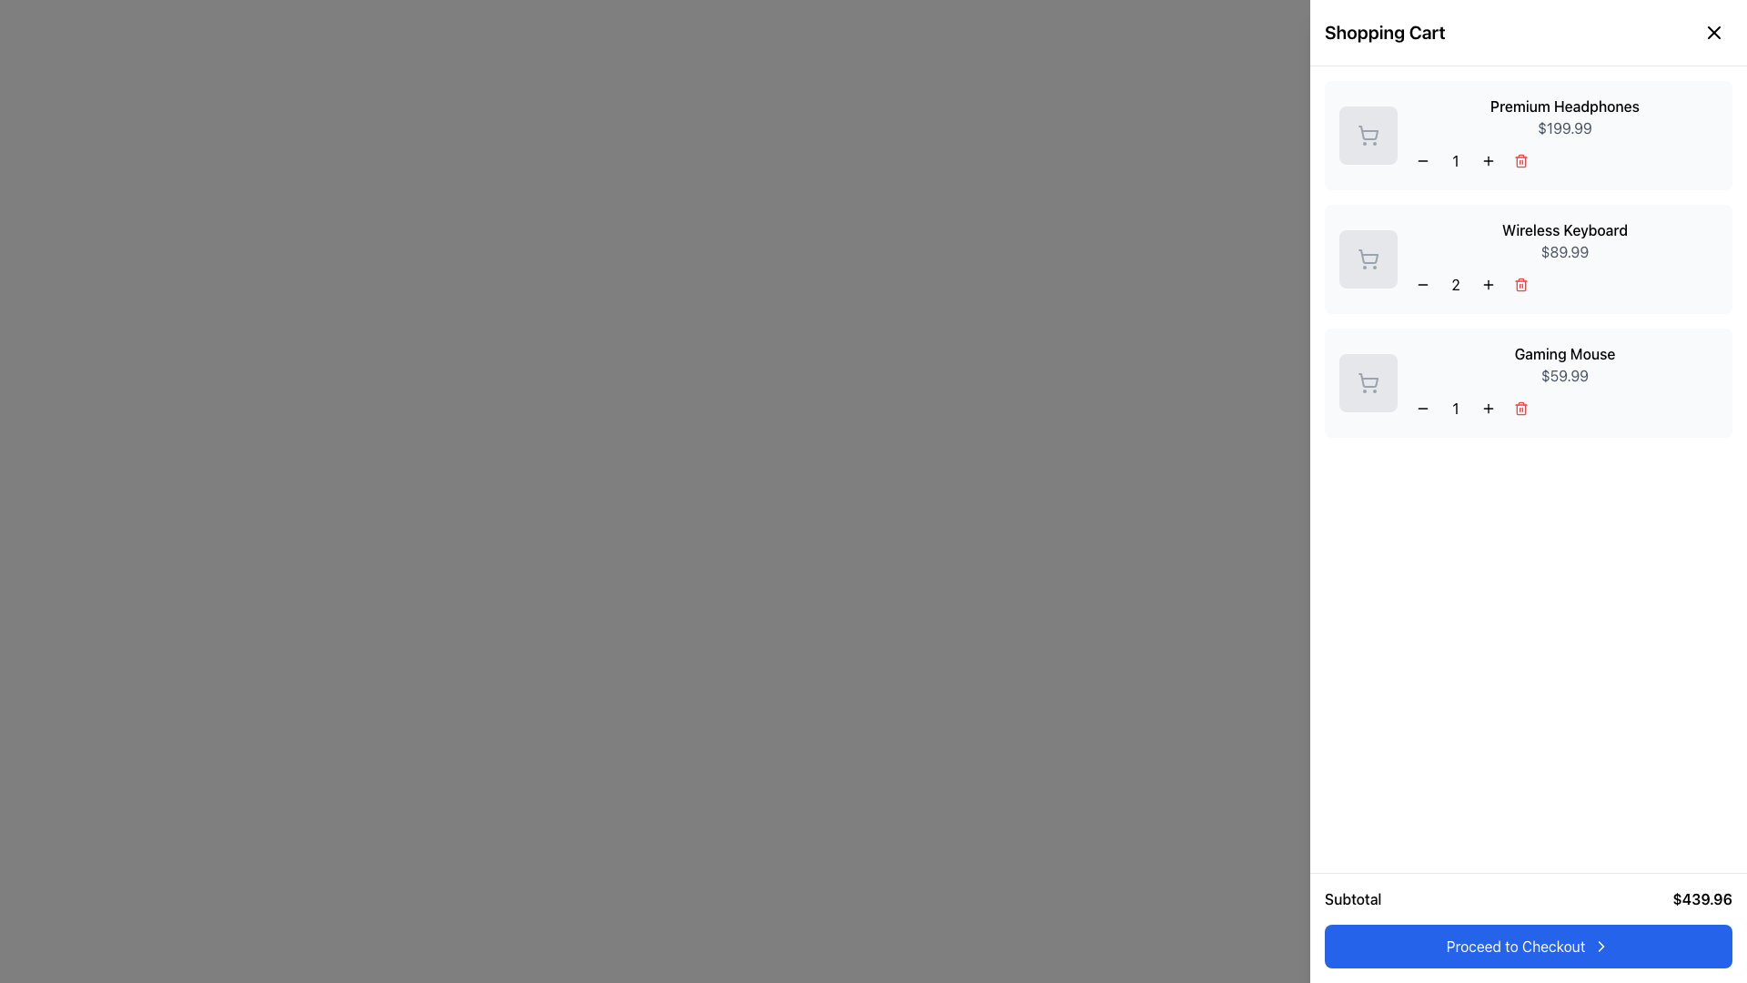 This screenshot has width=1747, height=983. Describe the element at coordinates (1529, 381) in the screenshot. I see `the item entry component in the shopping cart interface, which is positioned third in the list and displays product details, to observe its shadow effect` at that location.